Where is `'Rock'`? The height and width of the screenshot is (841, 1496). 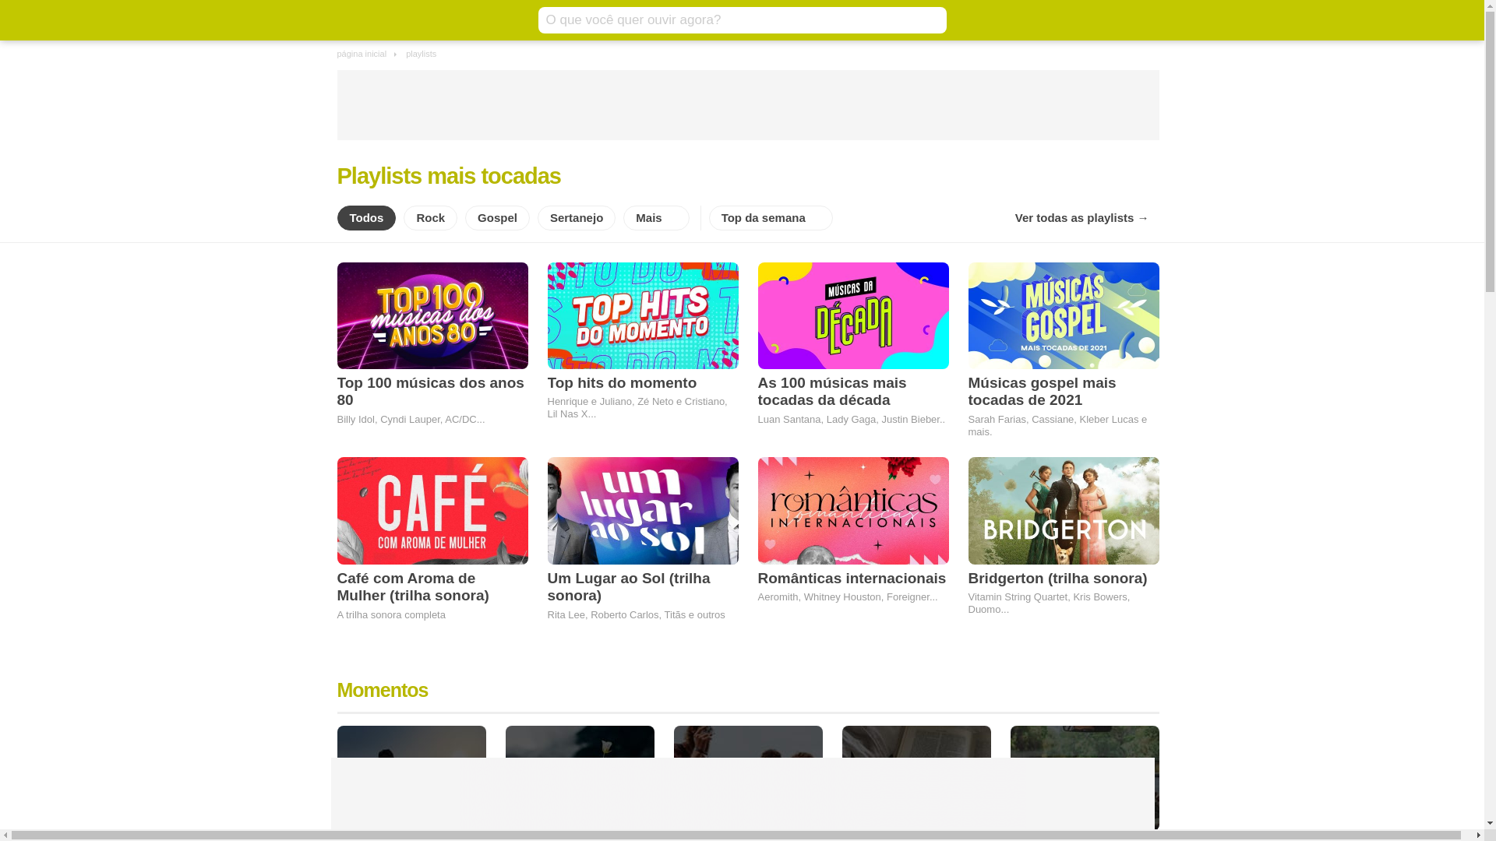 'Rock' is located at coordinates (430, 218).